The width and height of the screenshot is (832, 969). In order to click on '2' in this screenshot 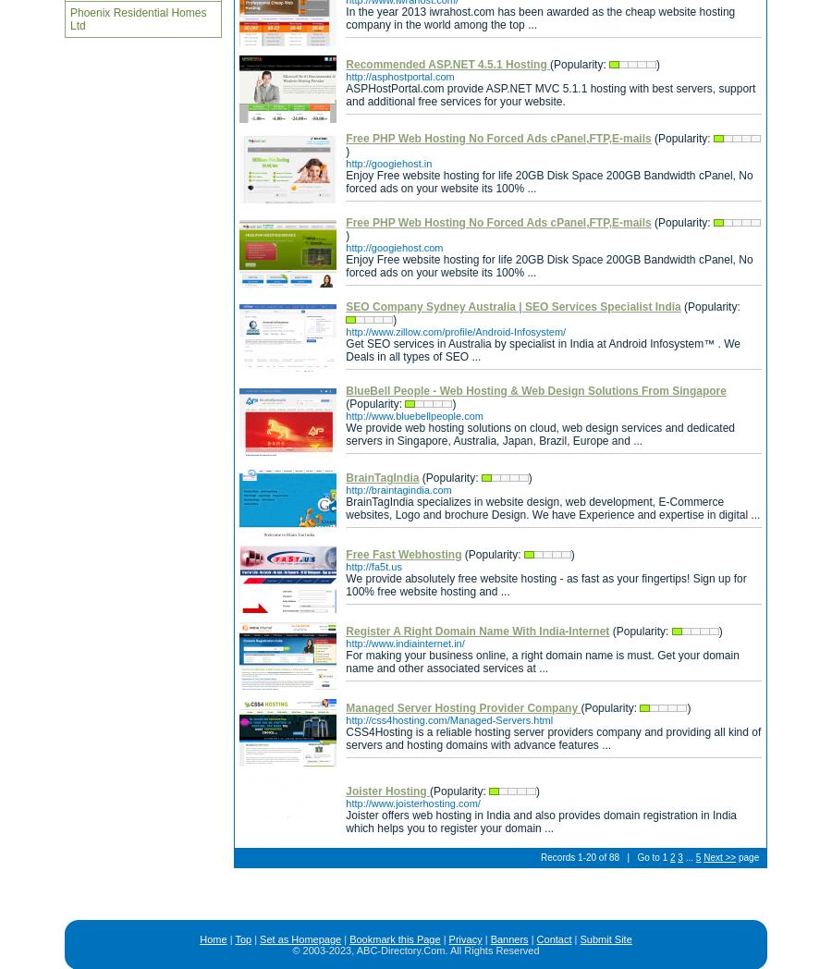, I will do `click(671, 857)`.